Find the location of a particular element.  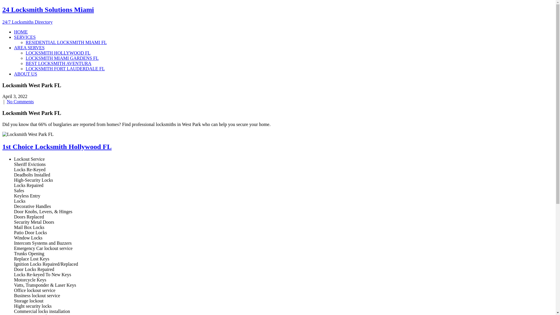

'HOME' is located at coordinates (21, 32).